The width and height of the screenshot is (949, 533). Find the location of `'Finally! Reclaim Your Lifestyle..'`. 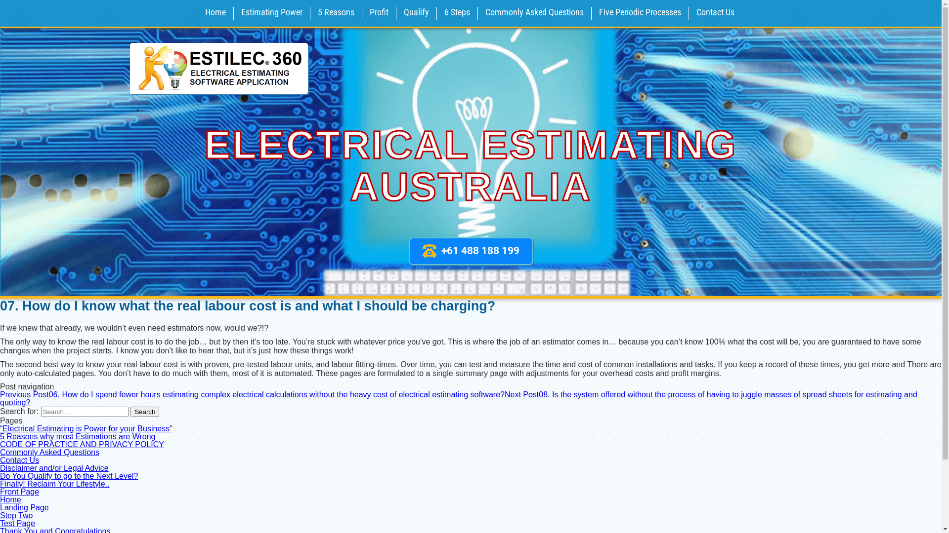

'Finally! Reclaim Your Lifestyle..' is located at coordinates (54, 483).